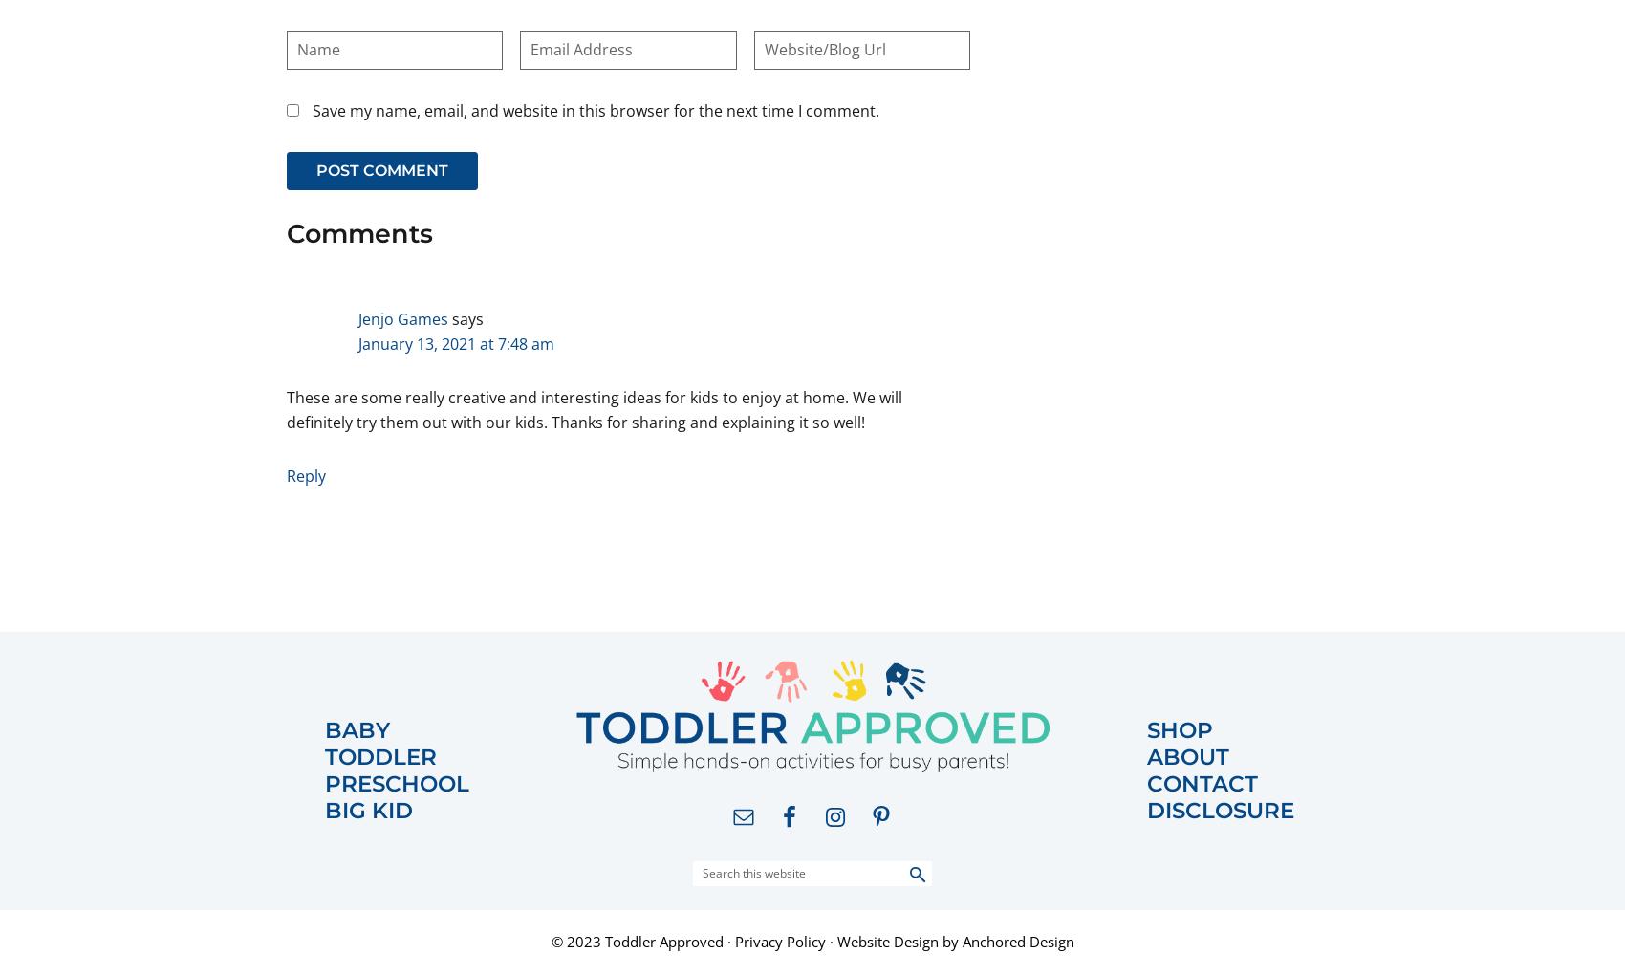 The image size is (1625, 976). What do you see at coordinates (642, 941) in the screenshot?
I see `'© 2023 Toddler Approved ·'` at bounding box center [642, 941].